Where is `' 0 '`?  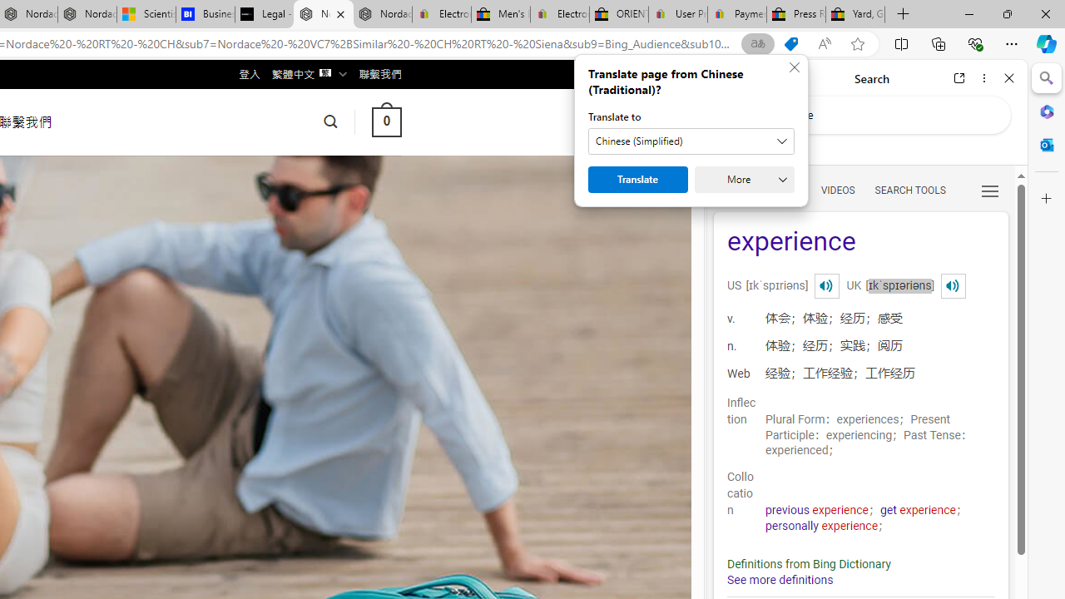 ' 0 ' is located at coordinates (385, 121).